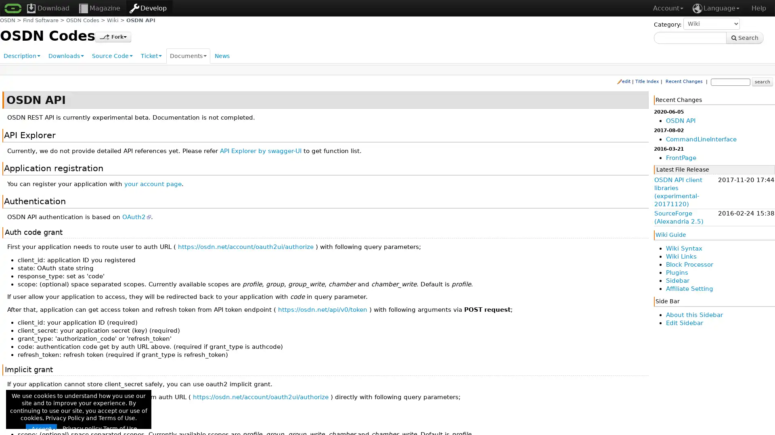  I want to click on search, so click(761, 81).